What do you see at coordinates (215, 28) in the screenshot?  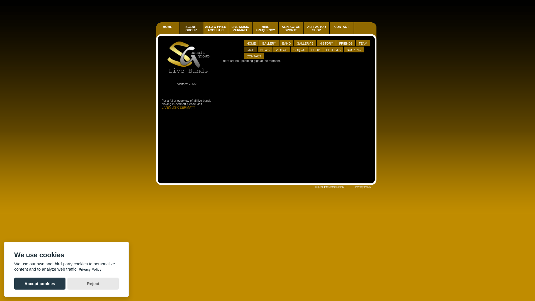 I see `'ALEX & PHILS` at bounding box center [215, 28].